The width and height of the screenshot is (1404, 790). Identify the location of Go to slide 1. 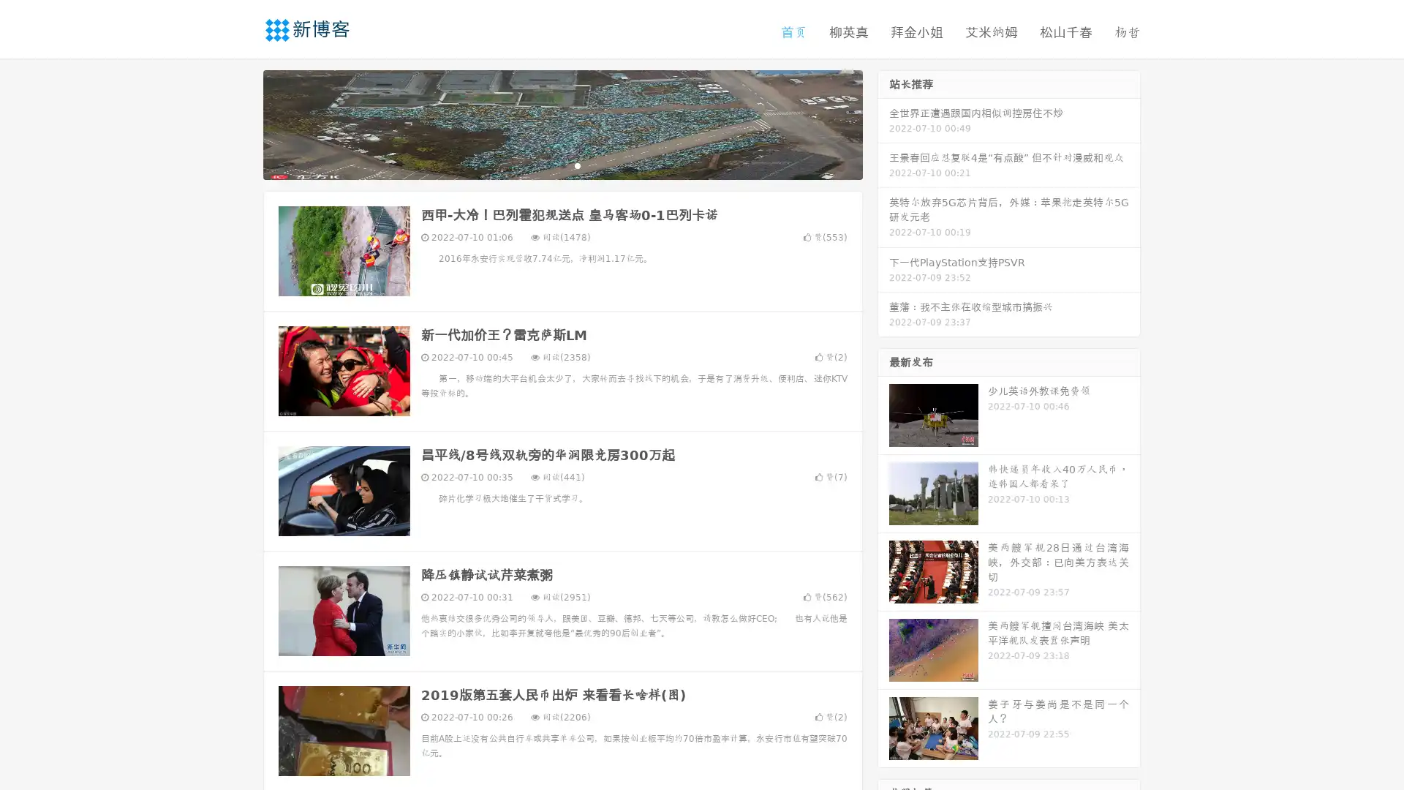
(547, 165).